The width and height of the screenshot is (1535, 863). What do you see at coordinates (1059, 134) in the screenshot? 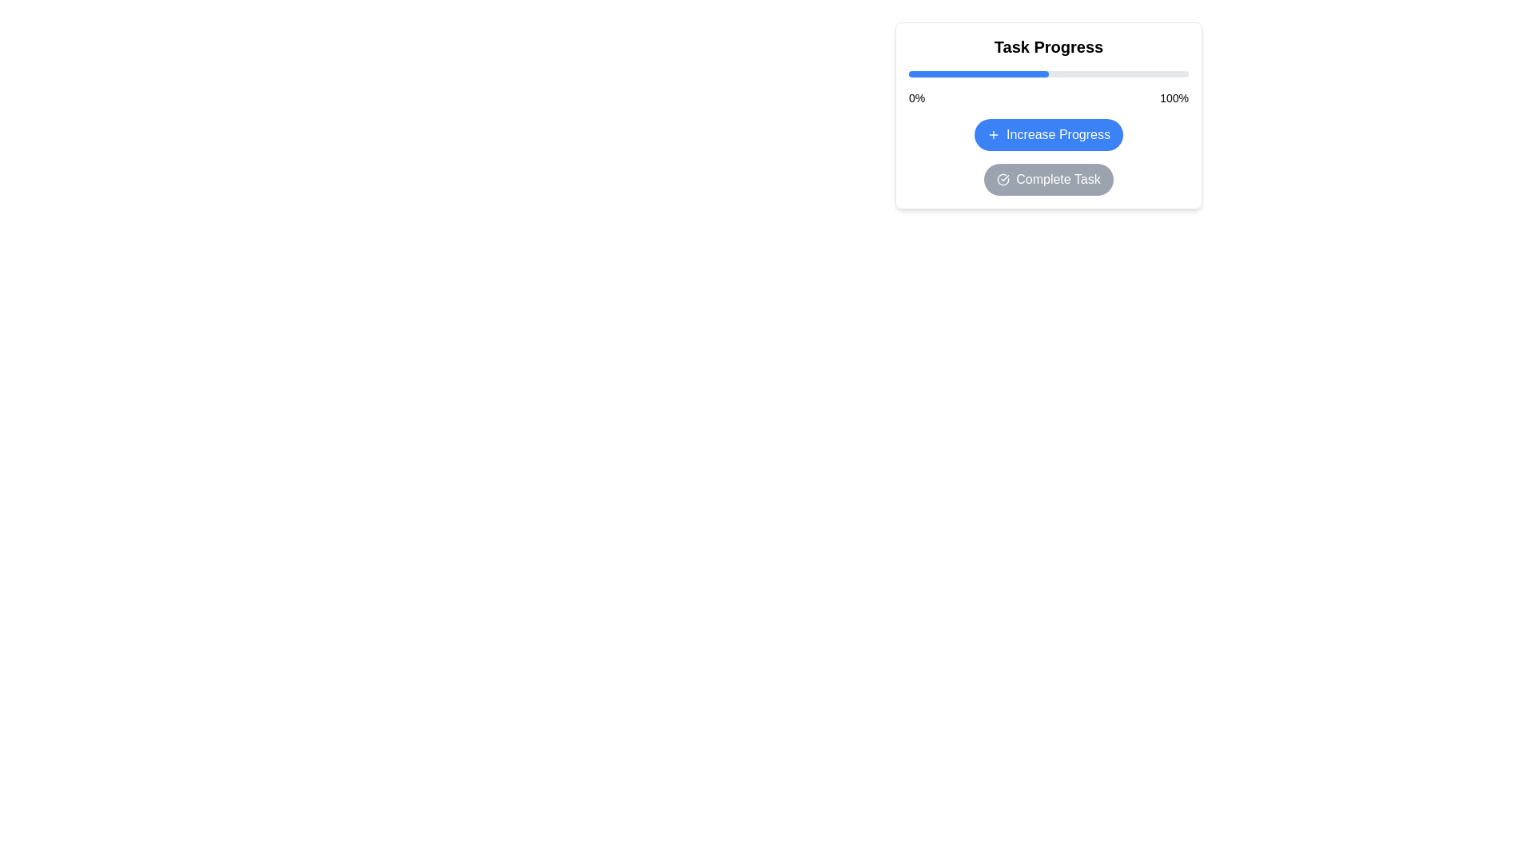
I see `the text label saying 'Increase Progress' within the button, which has a blue background and a plus icon to its left` at bounding box center [1059, 134].